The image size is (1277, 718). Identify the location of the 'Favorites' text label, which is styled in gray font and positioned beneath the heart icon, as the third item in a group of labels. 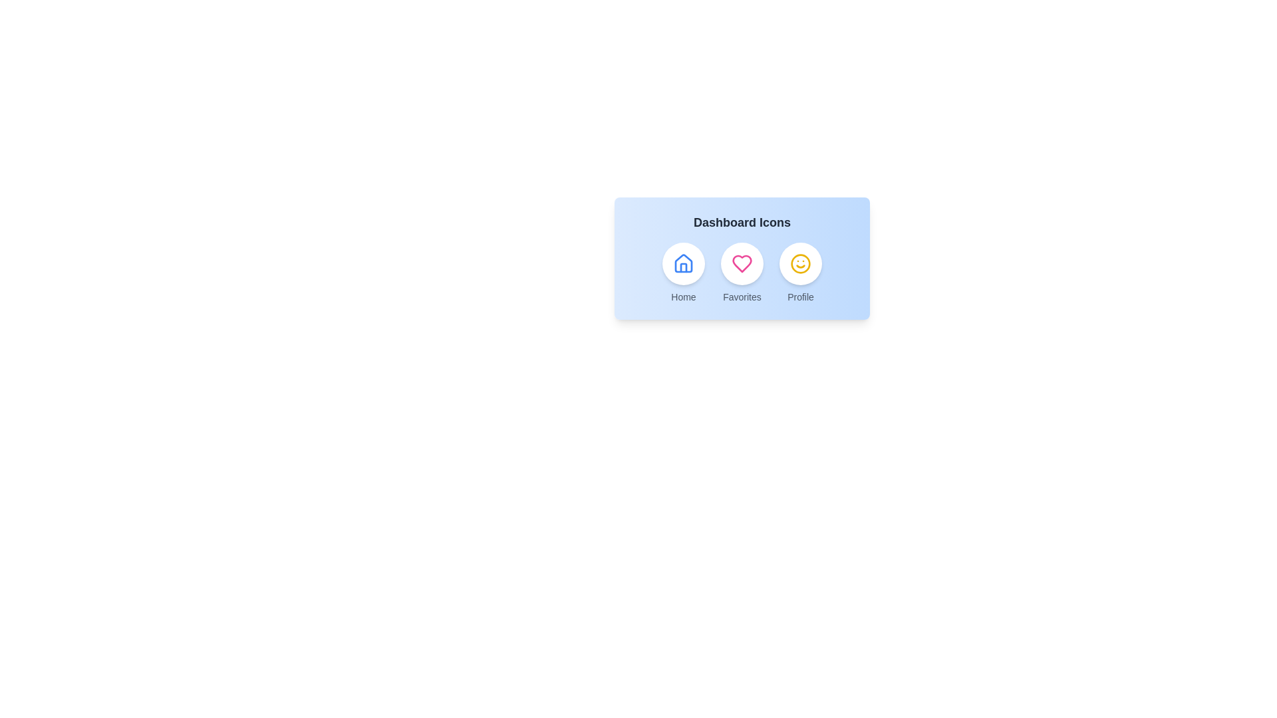
(741, 297).